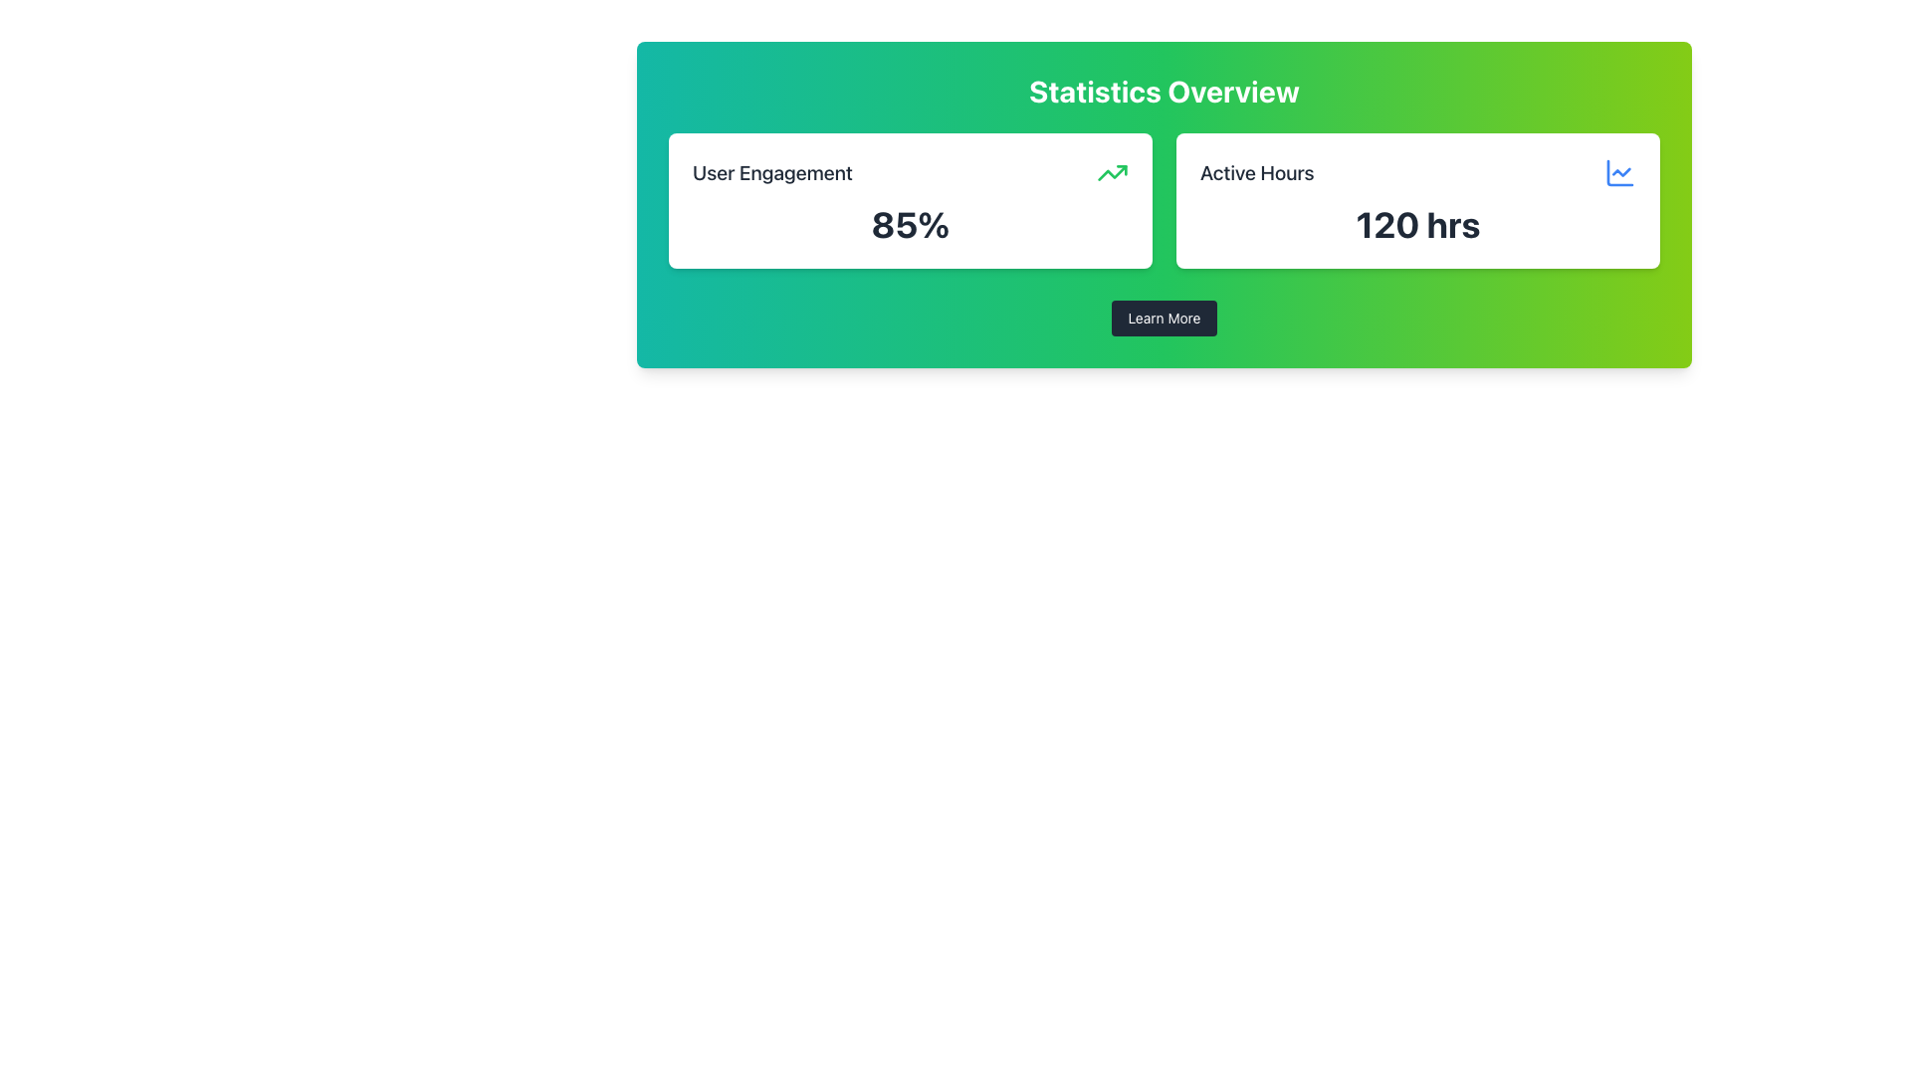  Describe the element at coordinates (1165, 318) in the screenshot. I see `the call-to-action button located at the bottom center of the rounded card, which is below the 'User Engagement' and 'Active Hours' statistics` at that location.